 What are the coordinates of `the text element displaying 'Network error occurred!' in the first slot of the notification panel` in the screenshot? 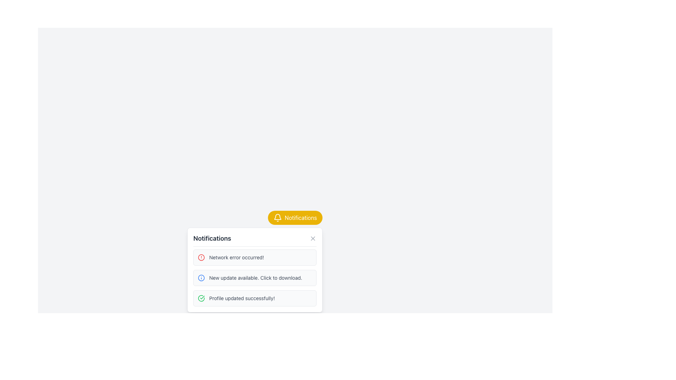 It's located at (237, 258).